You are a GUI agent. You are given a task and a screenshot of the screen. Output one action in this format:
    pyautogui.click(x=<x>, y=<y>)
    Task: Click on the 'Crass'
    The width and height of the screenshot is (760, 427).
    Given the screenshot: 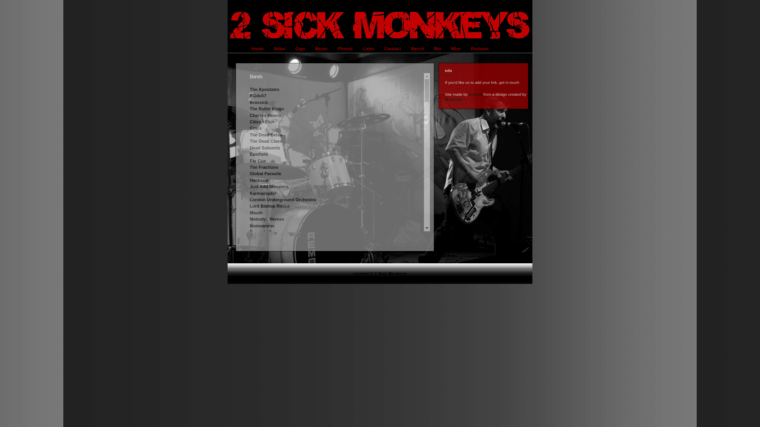 What is the action you would take?
    pyautogui.click(x=256, y=128)
    